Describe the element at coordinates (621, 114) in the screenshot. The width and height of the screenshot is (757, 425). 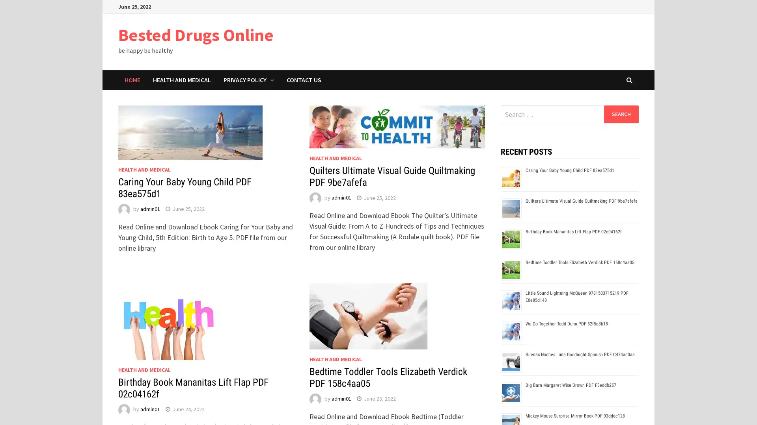
I see `Search` at that location.